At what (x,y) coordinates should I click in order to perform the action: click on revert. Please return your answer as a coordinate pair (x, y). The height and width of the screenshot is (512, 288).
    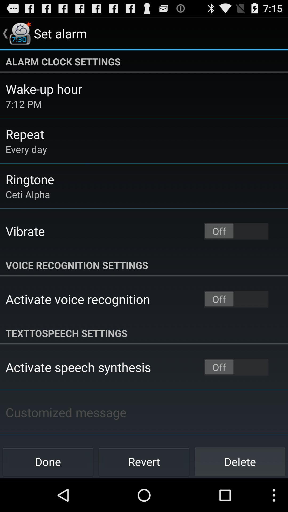
    Looking at the image, I should click on (144, 461).